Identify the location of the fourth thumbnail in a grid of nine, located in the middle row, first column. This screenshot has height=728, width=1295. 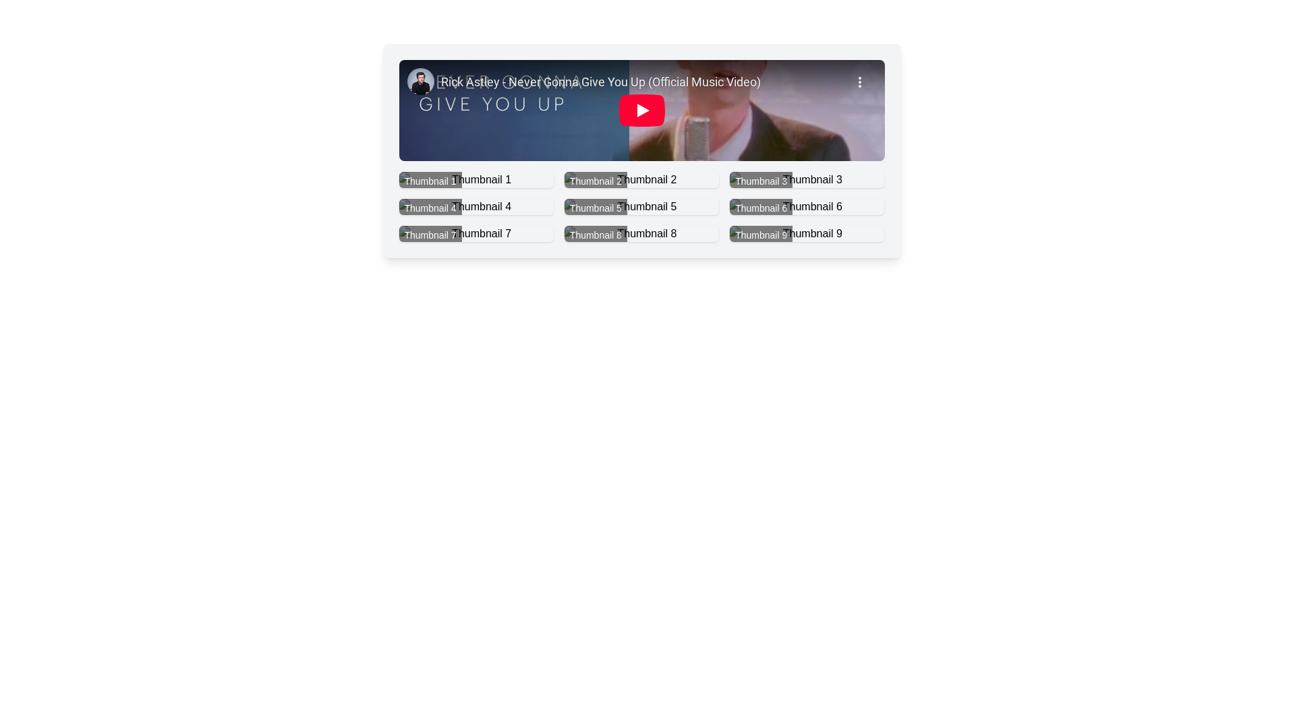
(476, 207).